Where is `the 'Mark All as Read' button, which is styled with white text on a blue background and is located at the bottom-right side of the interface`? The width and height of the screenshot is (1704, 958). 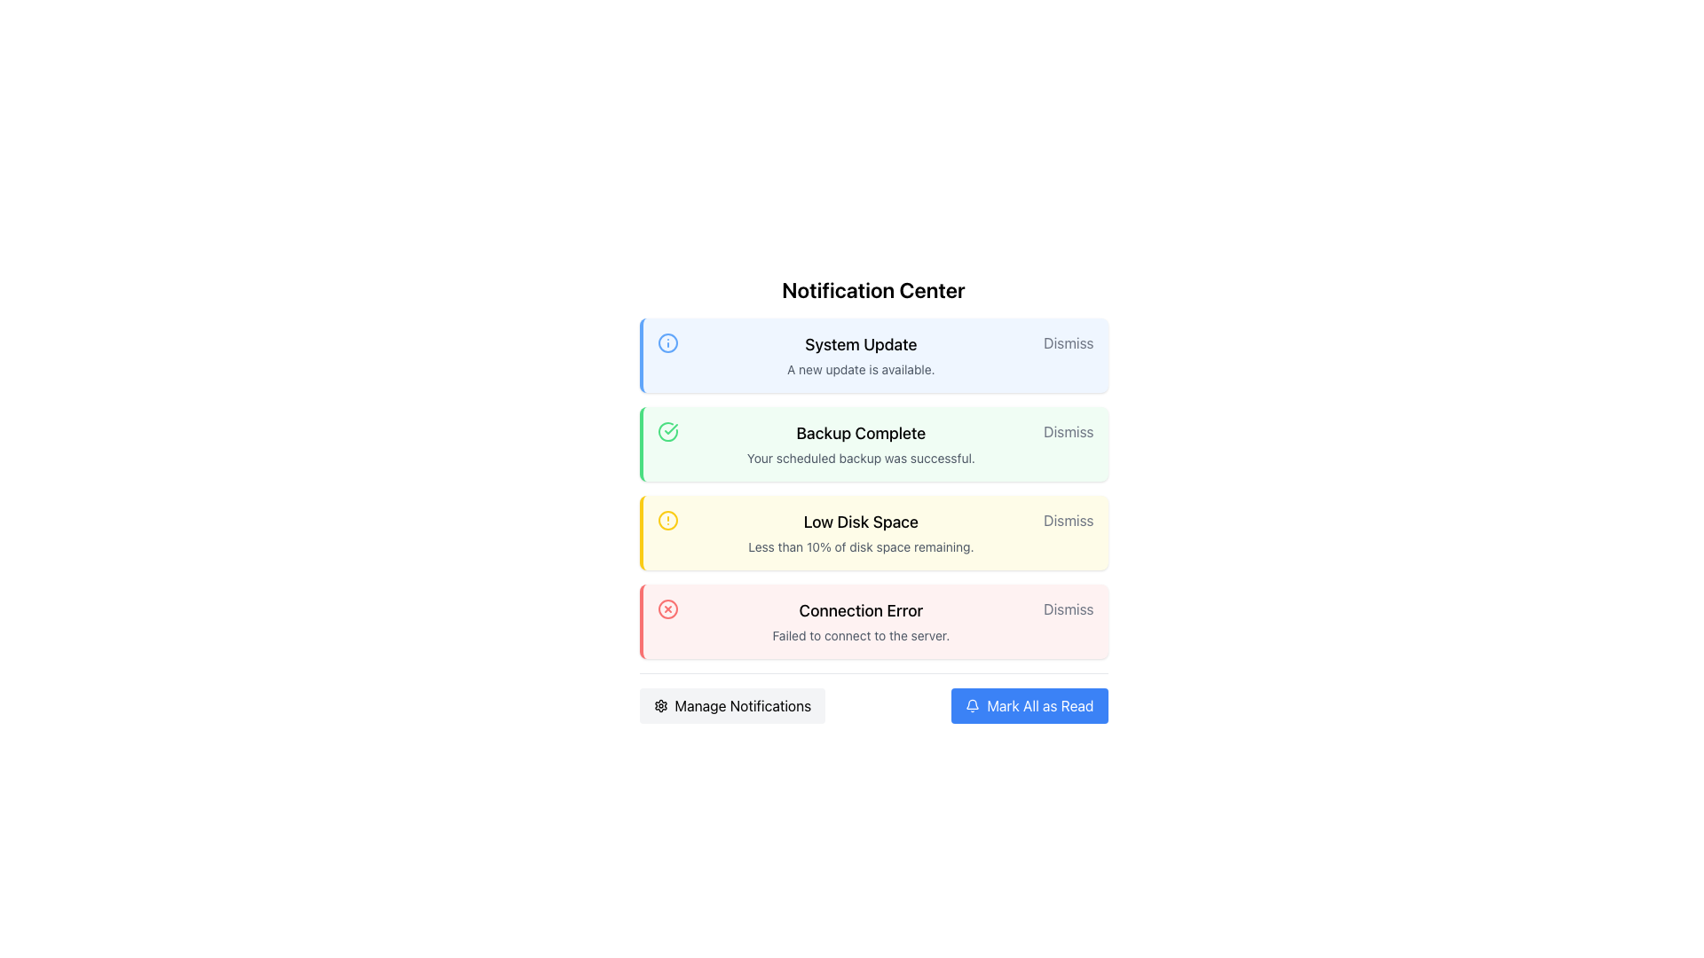 the 'Mark All as Read' button, which is styled with white text on a blue background and is located at the bottom-right side of the interface is located at coordinates (1040, 704).